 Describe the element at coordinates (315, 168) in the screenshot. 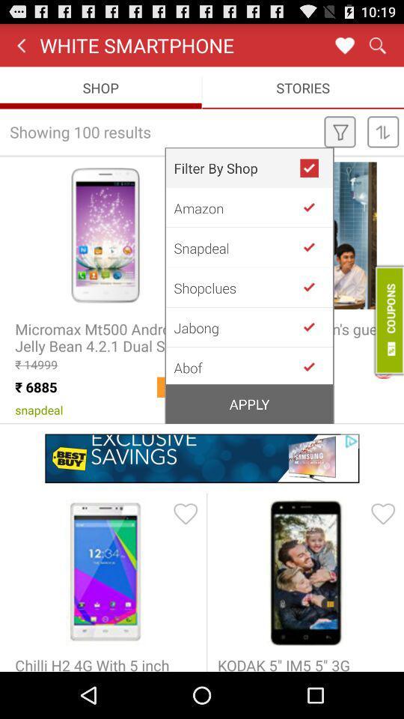

I see `turn on filter by shop` at that location.